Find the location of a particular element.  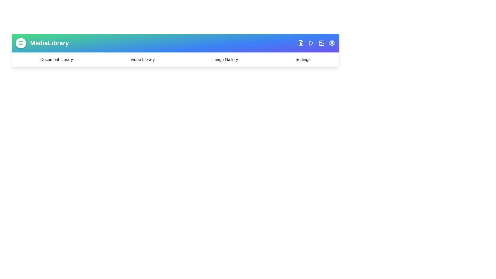

the 'Document Library' link to navigate to the respective section is located at coordinates (57, 59).